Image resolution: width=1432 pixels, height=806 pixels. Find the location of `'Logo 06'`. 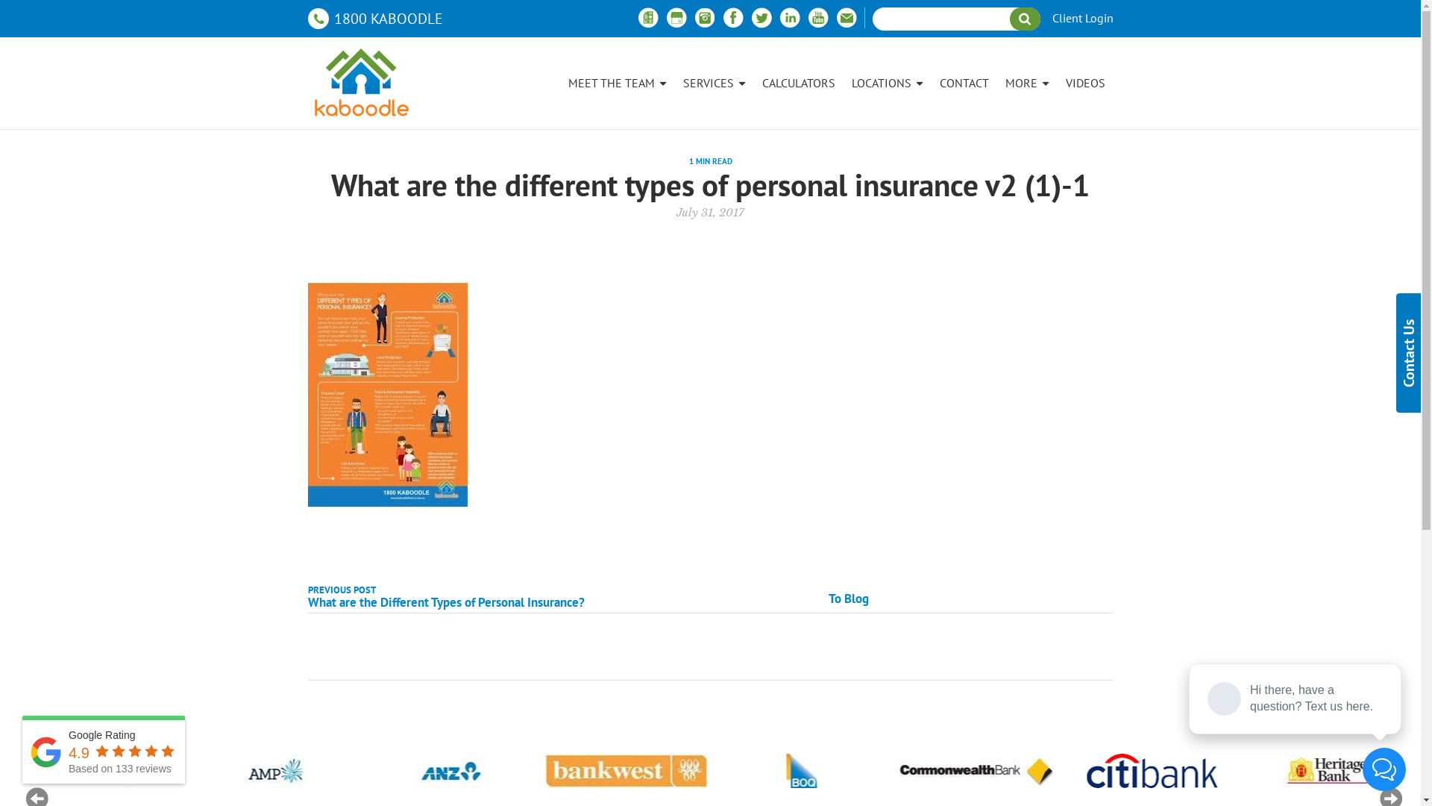

'Logo 06' is located at coordinates (714, 771).